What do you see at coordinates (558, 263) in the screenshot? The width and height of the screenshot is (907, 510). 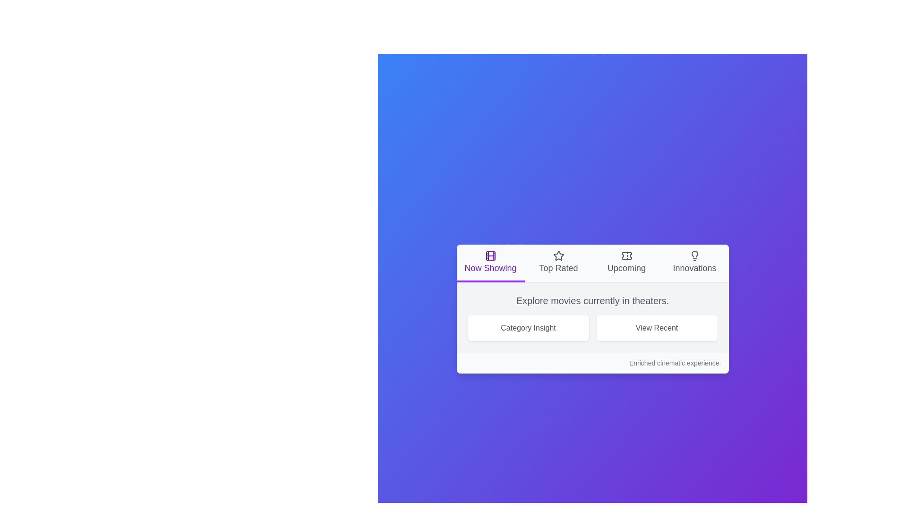 I see `the 'Top Rated' tab navigation button` at bounding box center [558, 263].